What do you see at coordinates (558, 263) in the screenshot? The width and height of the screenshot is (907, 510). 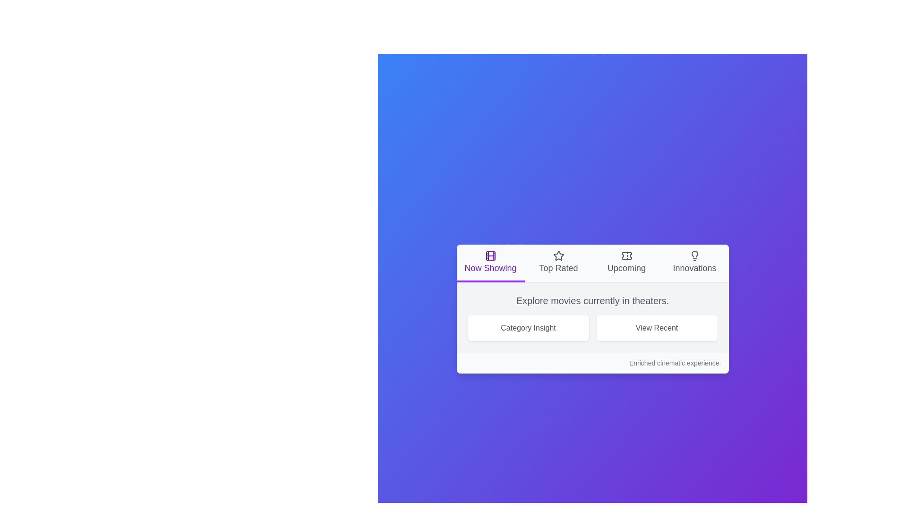 I see `the 'Top Rated' tab navigation button` at bounding box center [558, 263].